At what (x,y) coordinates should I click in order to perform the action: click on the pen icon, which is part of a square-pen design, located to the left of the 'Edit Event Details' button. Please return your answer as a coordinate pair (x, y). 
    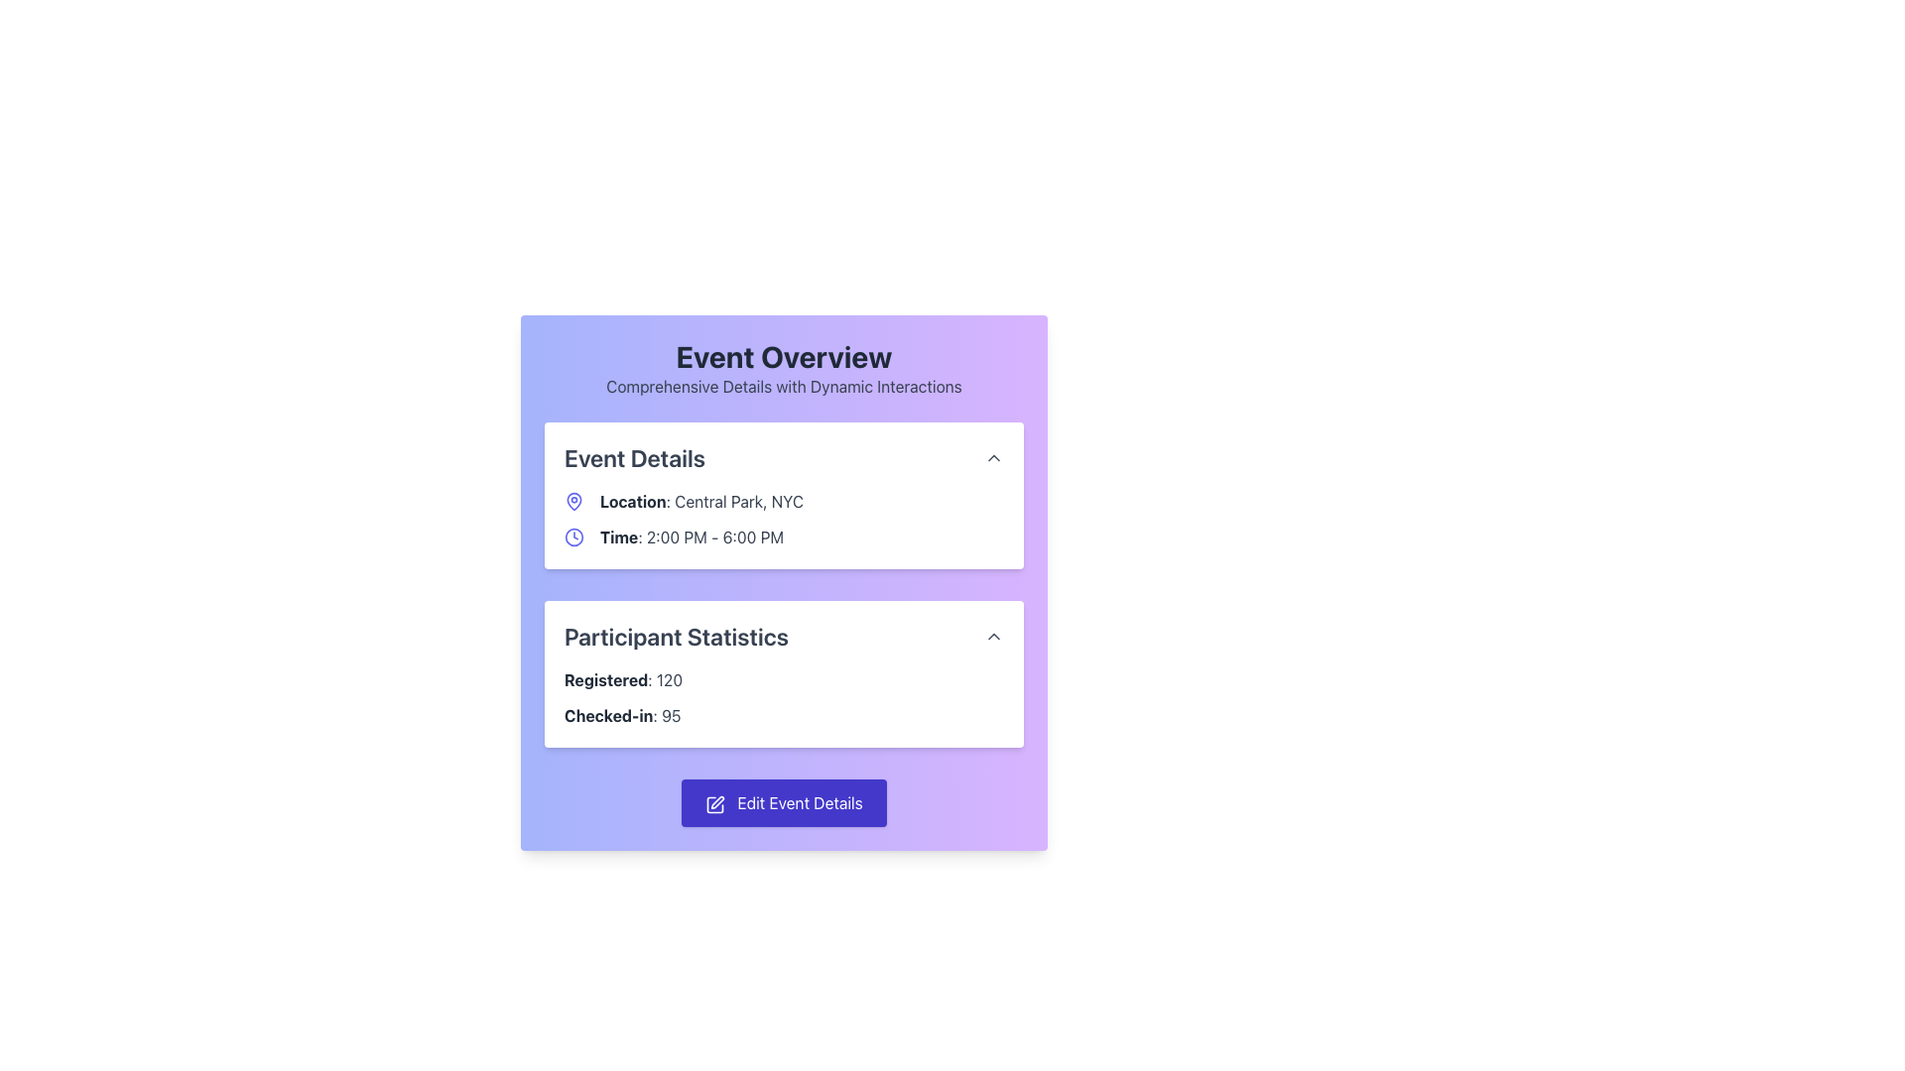
    Looking at the image, I should click on (716, 801).